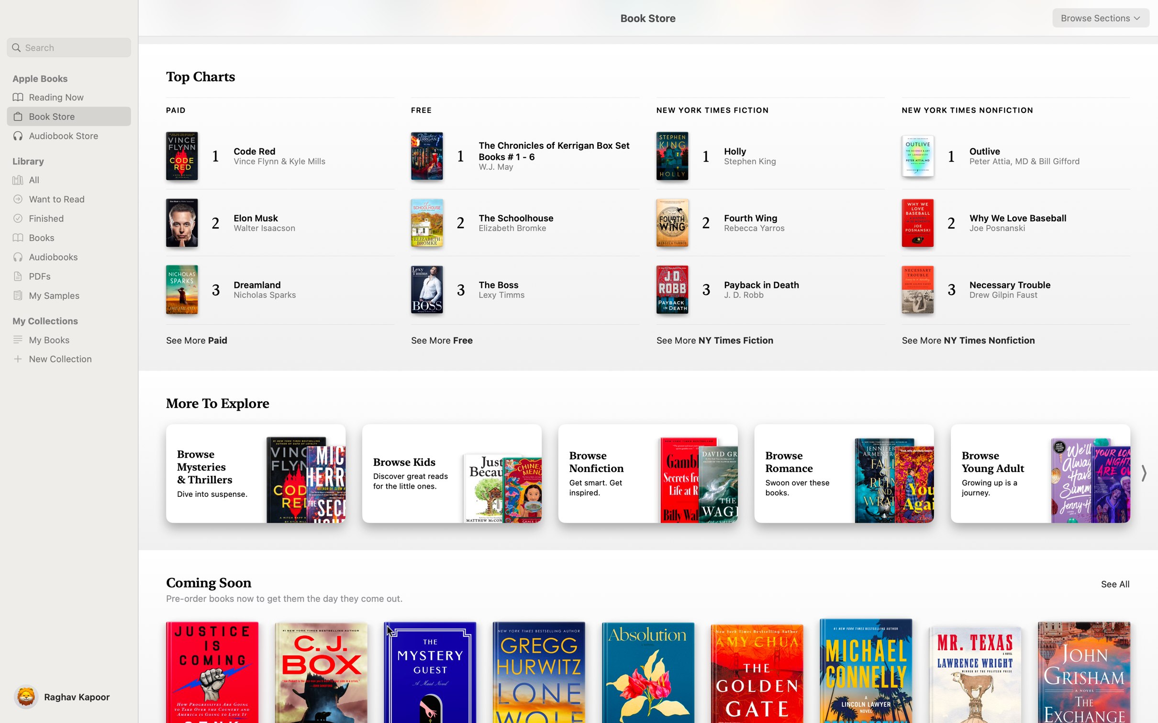 Image resolution: width=1158 pixels, height=723 pixels. Describe the element at coordinates (1006, 155) in the screenshot. I see `and peruse "Outlive" from the NY Times Notifications` at that location.